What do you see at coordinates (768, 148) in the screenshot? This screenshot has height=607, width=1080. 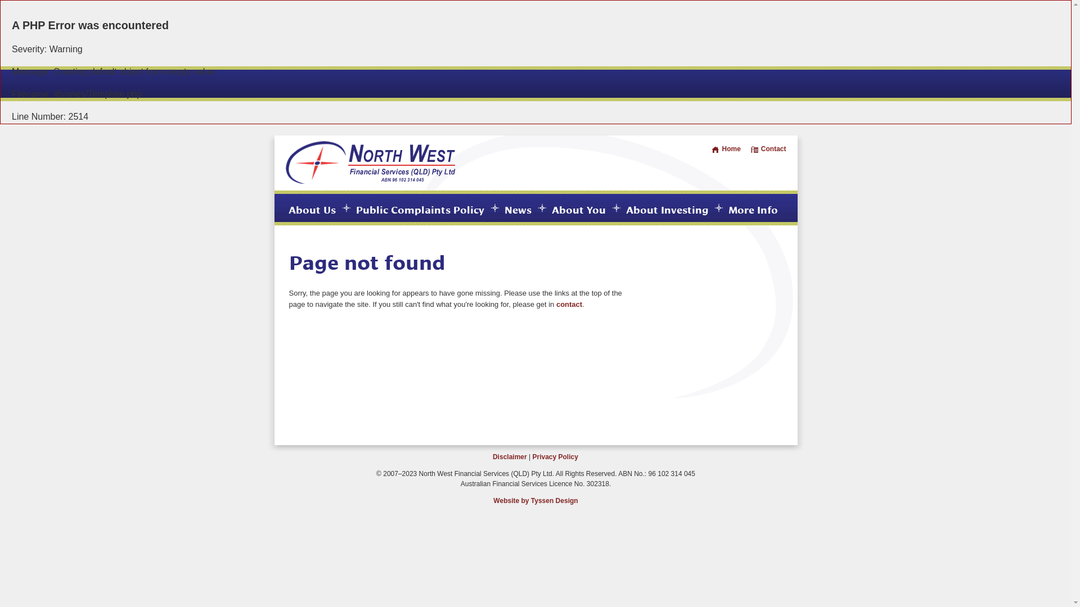 I see `'Contact'` at bounding box center [768, 148].